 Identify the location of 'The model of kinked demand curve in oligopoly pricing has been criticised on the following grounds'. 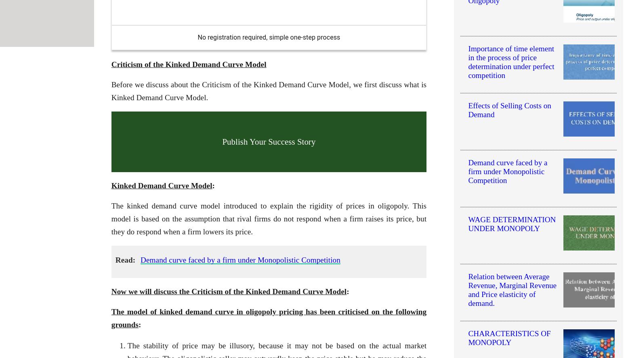
(111, 318).